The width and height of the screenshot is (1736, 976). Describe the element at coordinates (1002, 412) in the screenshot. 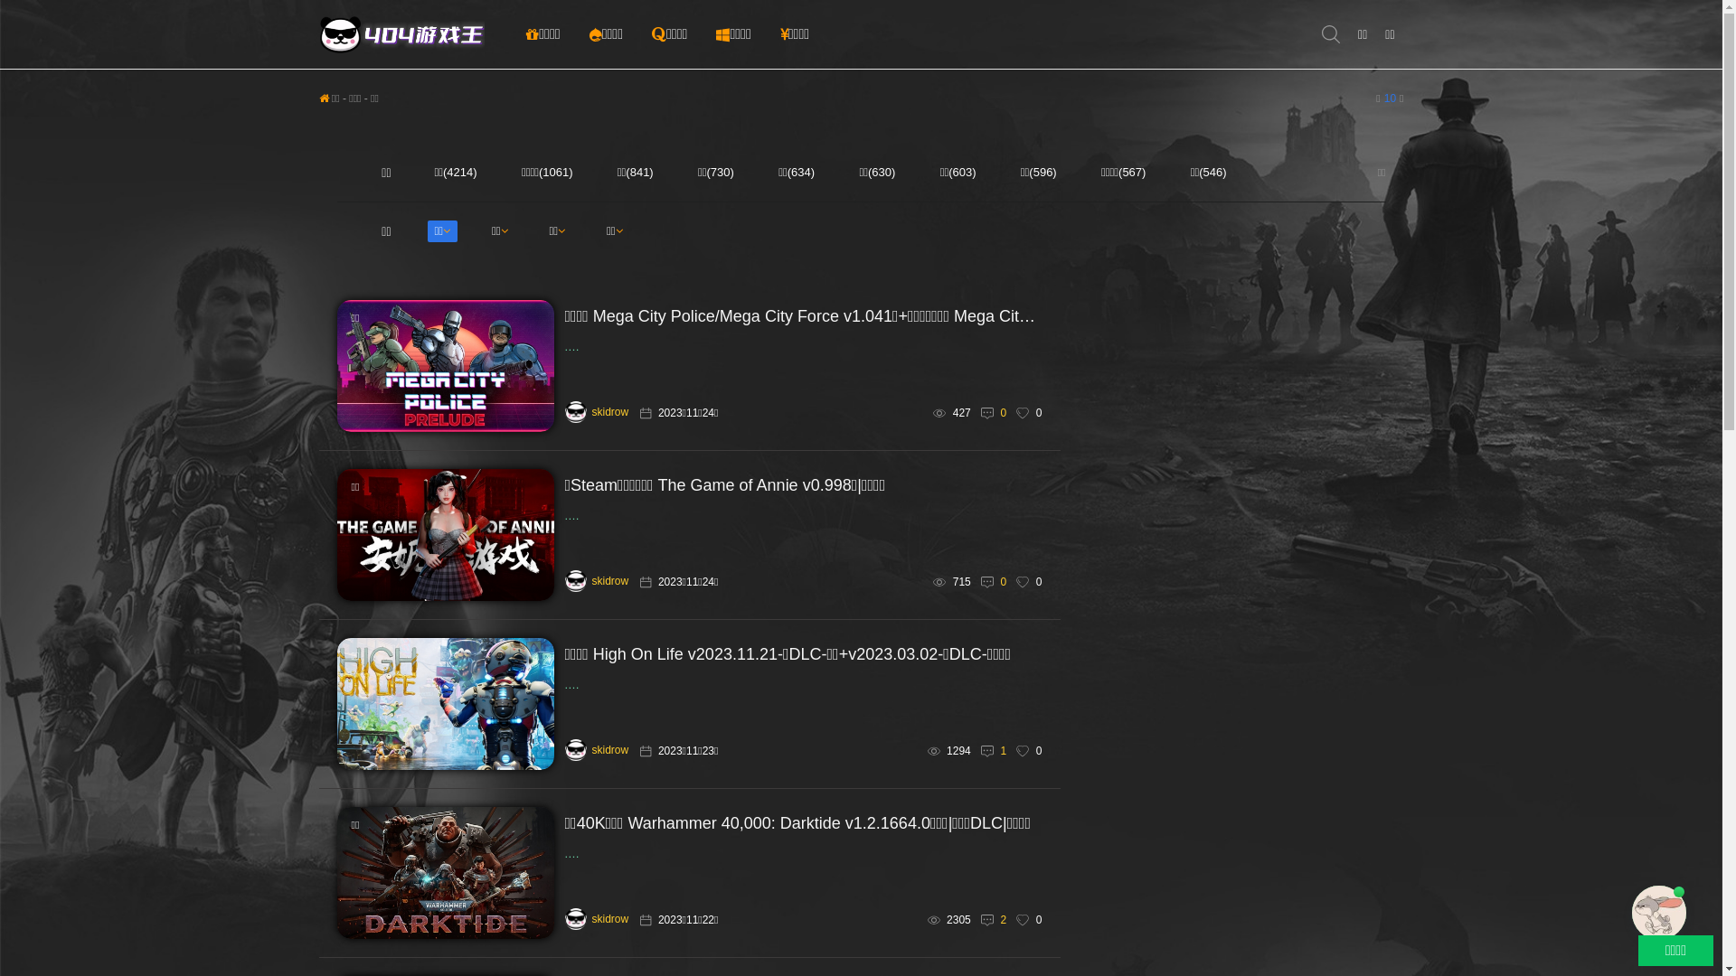

I see `'0'` at that location.